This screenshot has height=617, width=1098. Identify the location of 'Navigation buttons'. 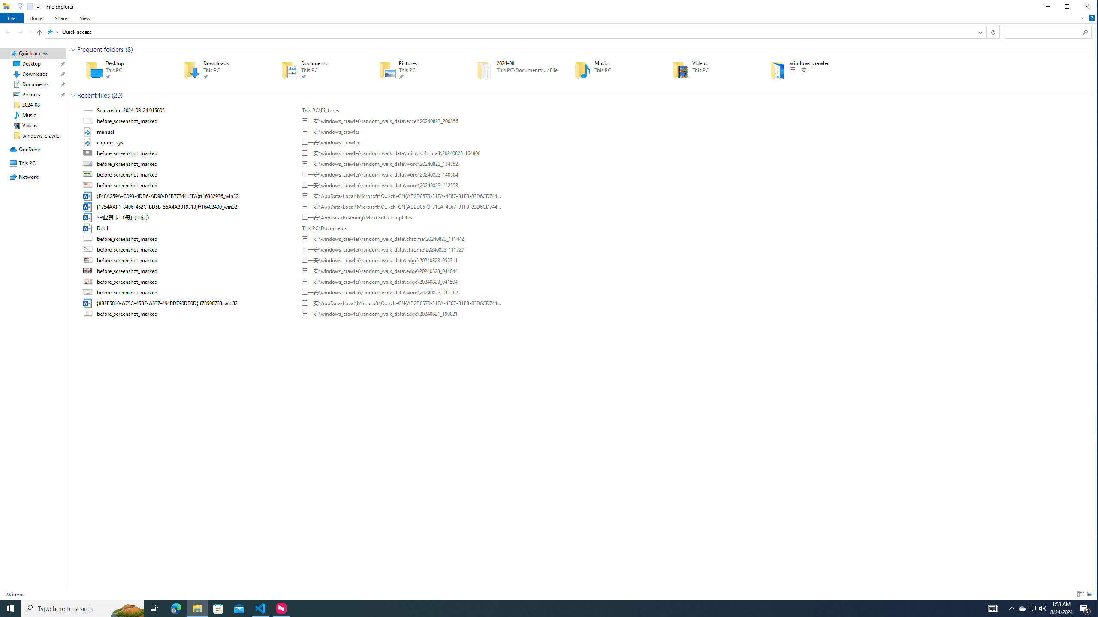
(17, 31).